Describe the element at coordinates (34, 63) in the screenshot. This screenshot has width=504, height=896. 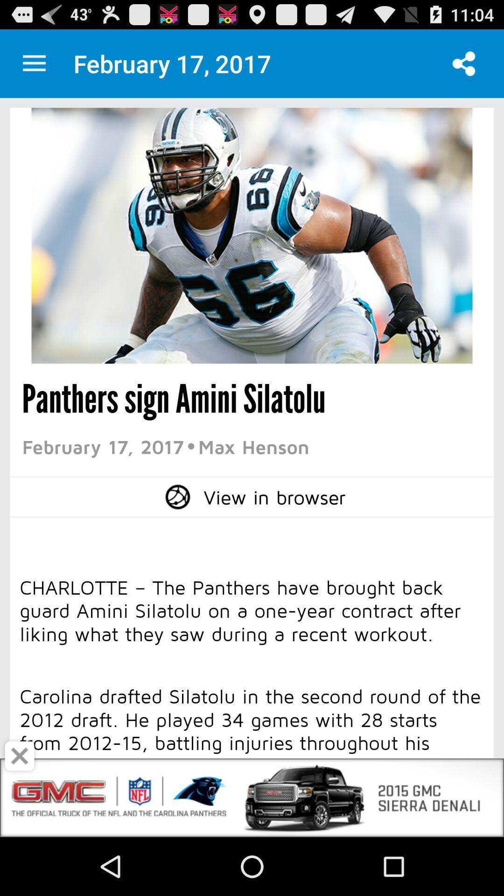
I see `carolina panthers mobile` at that location.